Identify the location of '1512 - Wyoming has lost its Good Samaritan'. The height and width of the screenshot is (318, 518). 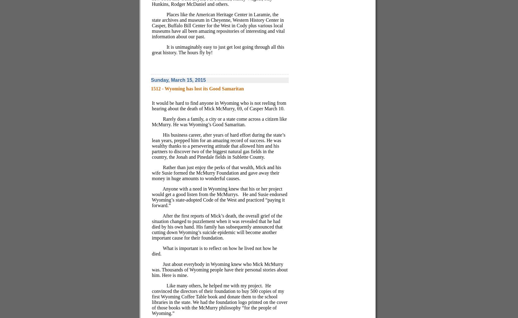
(197, 88).